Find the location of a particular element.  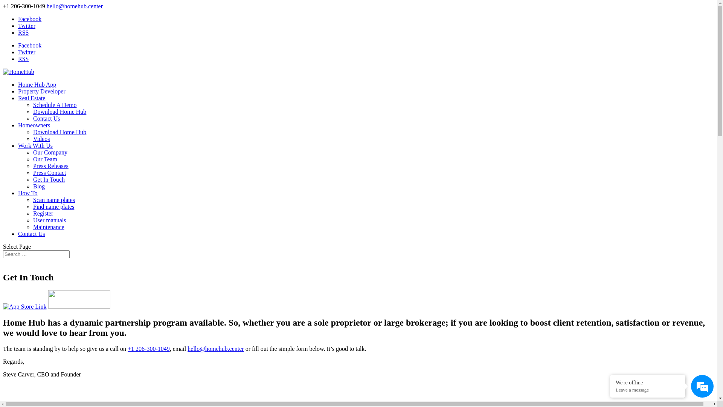

'Videos' is located at coordinates (41, 139).